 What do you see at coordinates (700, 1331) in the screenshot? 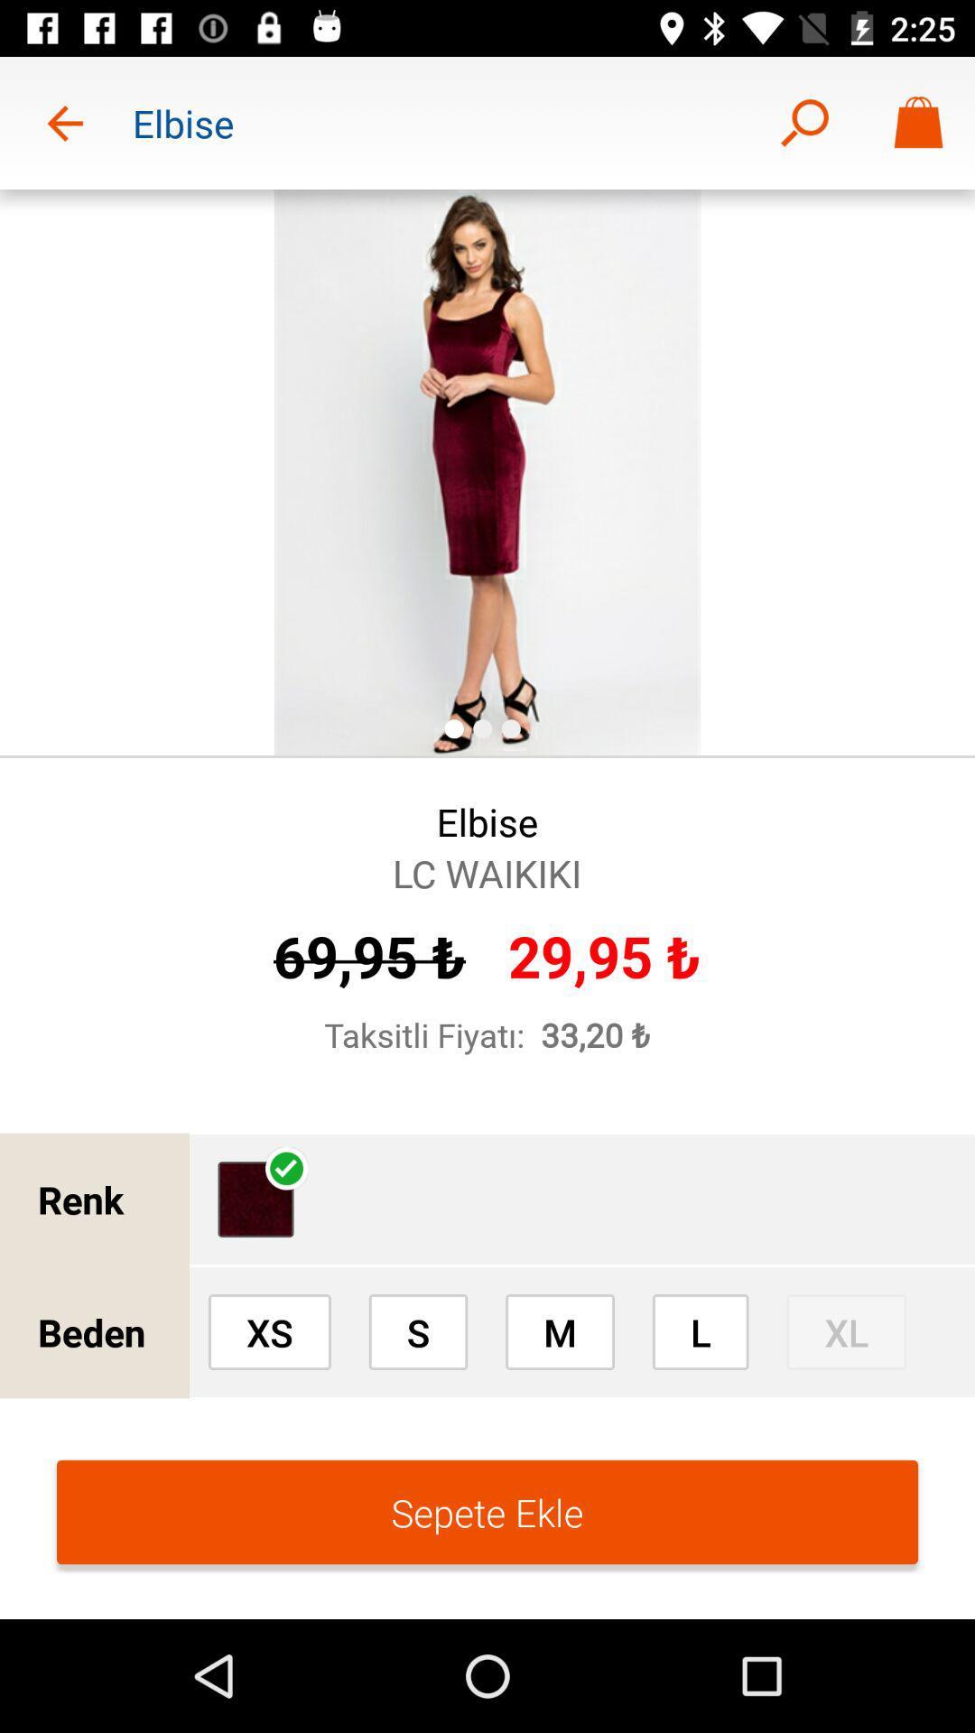
I see `the text which is beside m` at bounding box center [700, 1331].